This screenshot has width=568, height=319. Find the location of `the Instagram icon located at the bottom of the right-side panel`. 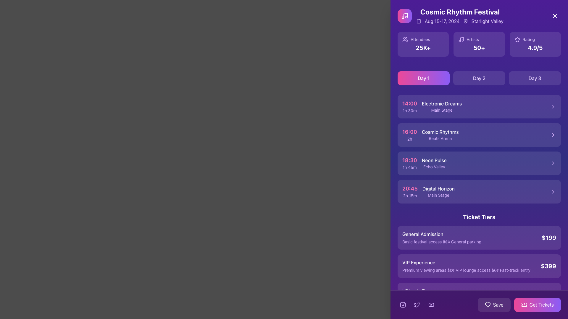

the Instagram icon located at the bottom of the right-side panel is located at coordinates (403, 305).